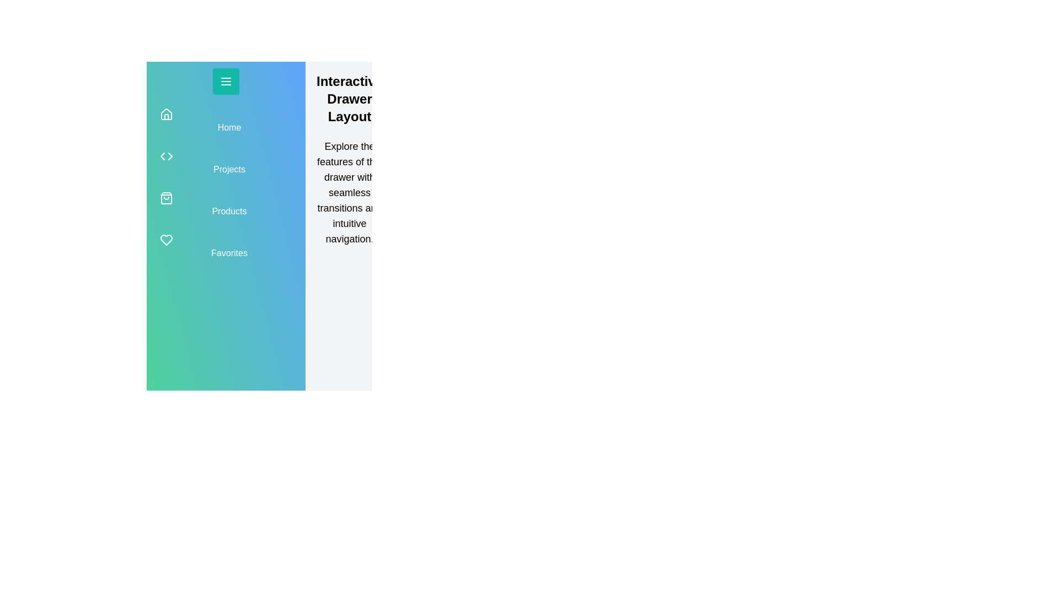  What do you see at coordinates (225, 204) in the screenshot?
I see `the navigation item Products` at bounding box center [225, 204].